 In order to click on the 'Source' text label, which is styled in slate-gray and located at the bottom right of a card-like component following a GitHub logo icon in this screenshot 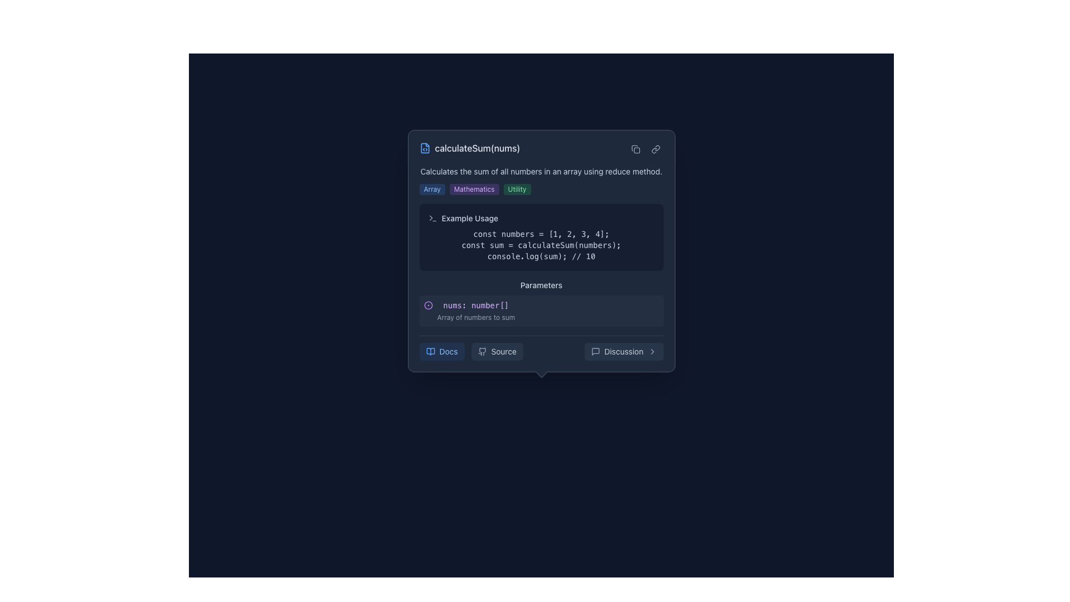, I will do `click(503, 352)`.